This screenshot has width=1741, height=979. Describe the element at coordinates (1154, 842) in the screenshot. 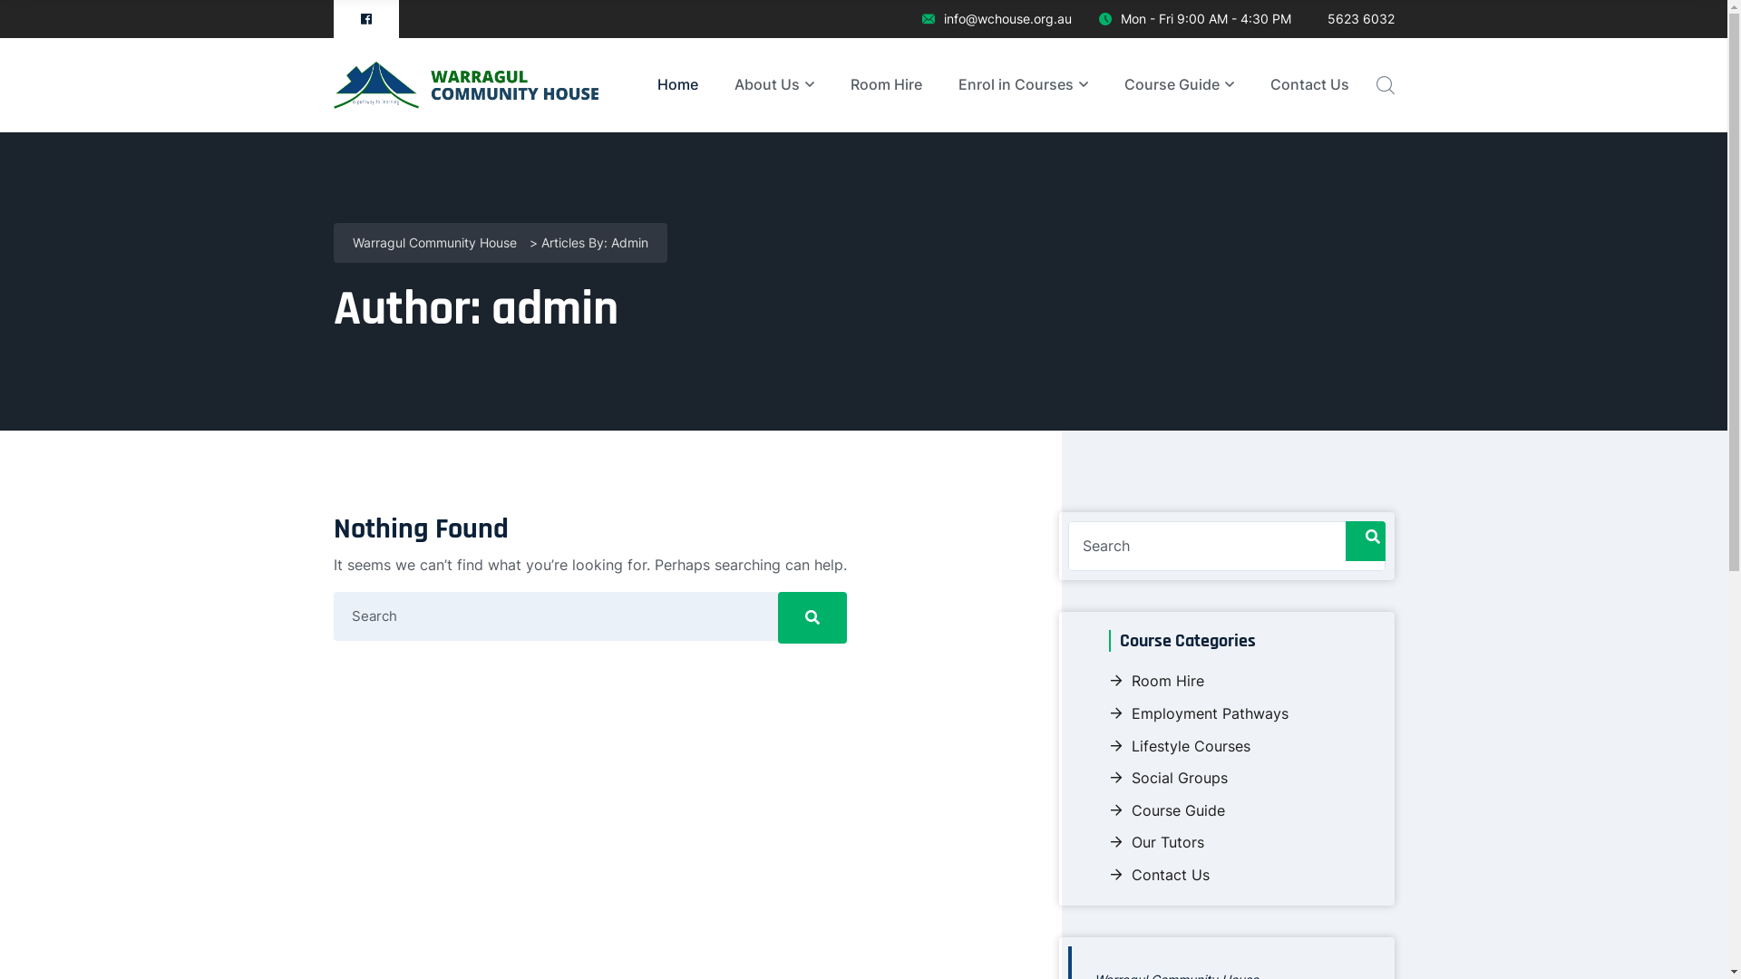

I see `'Our Tutors'` at that location.